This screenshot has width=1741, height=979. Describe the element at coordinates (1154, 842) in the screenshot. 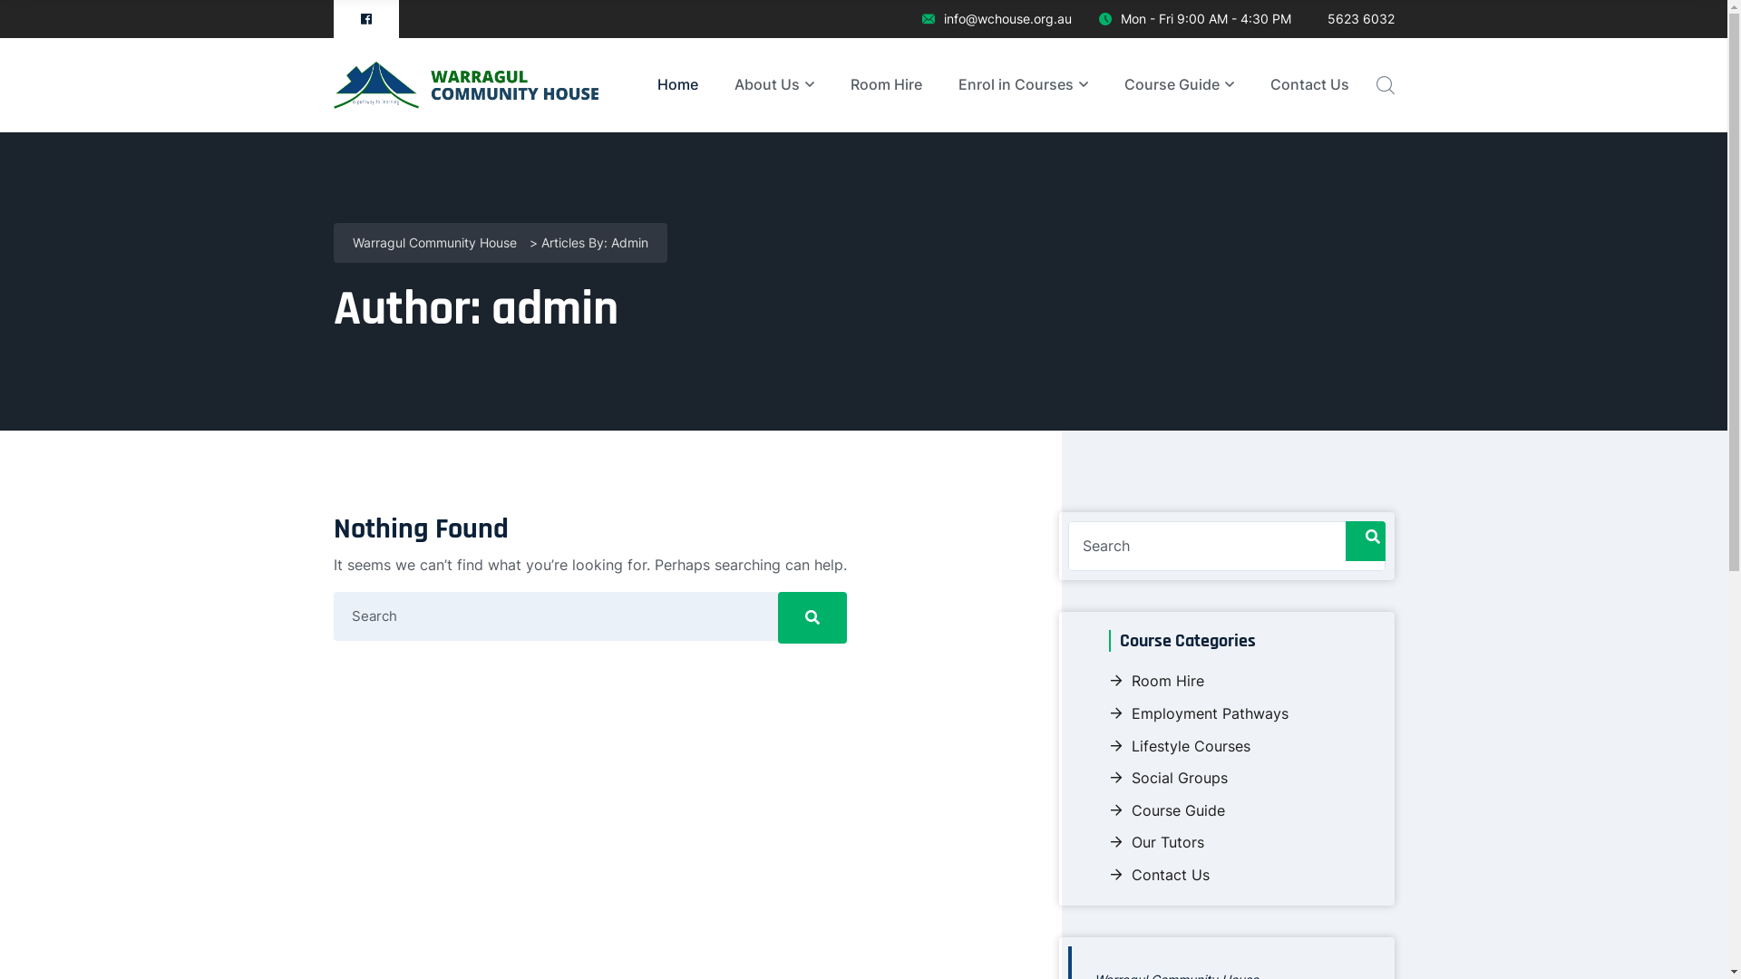

I see `'Our Tutors'` at that location.